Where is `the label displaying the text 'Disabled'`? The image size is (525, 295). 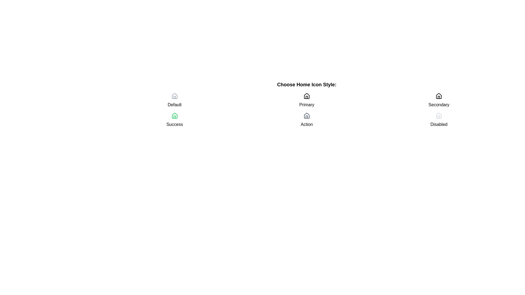
the label displaying the text 'Disabled' is located at coordinates (439, 124).